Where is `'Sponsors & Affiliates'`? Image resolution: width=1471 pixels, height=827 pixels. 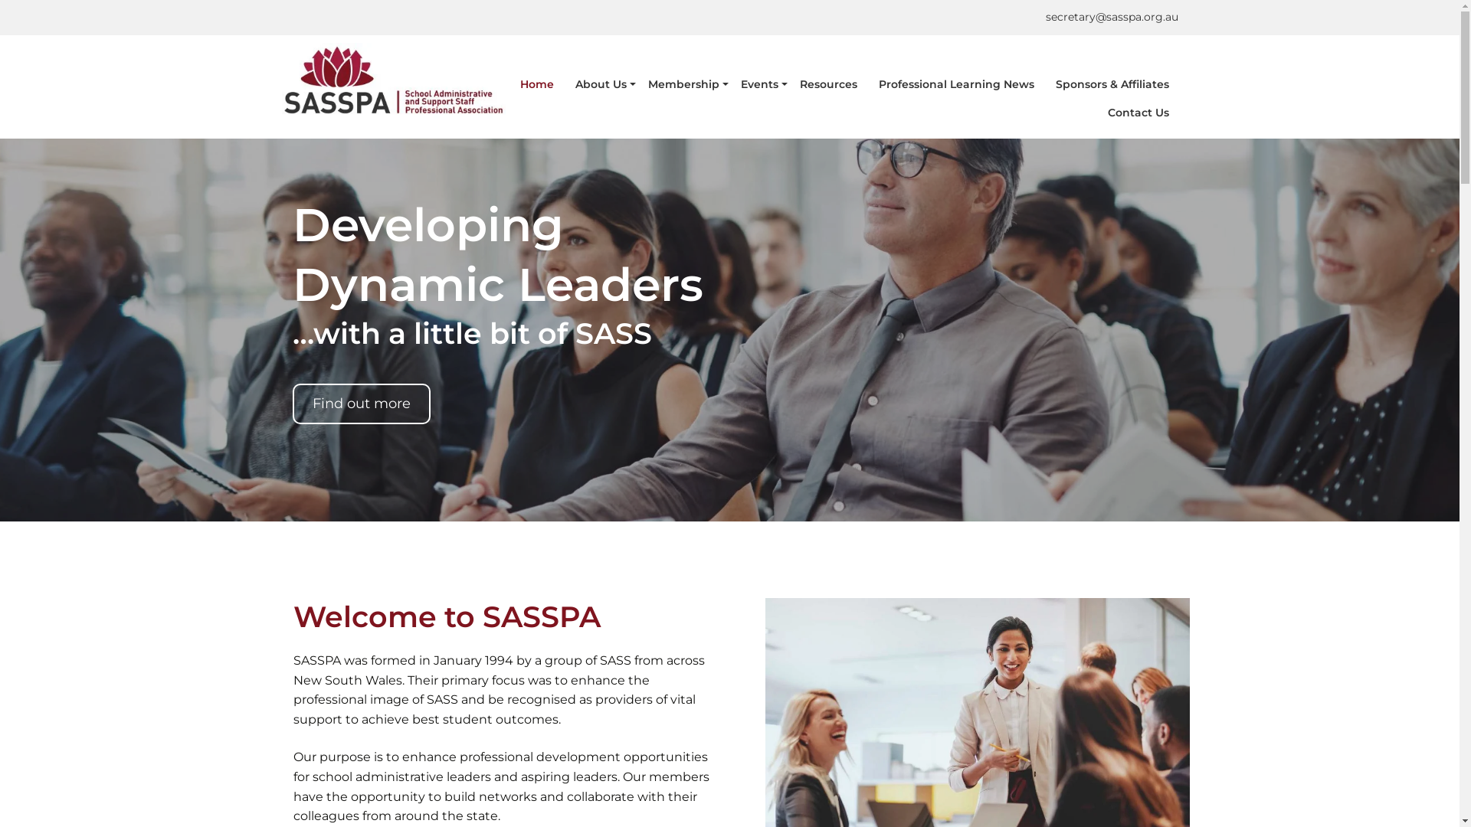
'Sponsors & Affiliates' is located at coordinates (1112, 84).